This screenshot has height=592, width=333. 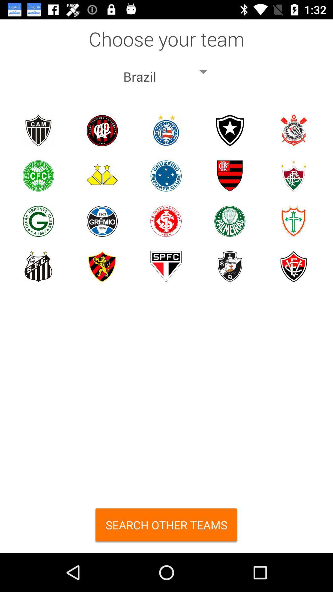 I want to click on the logo which is beside goias esporte, so click(x=102, y=221).